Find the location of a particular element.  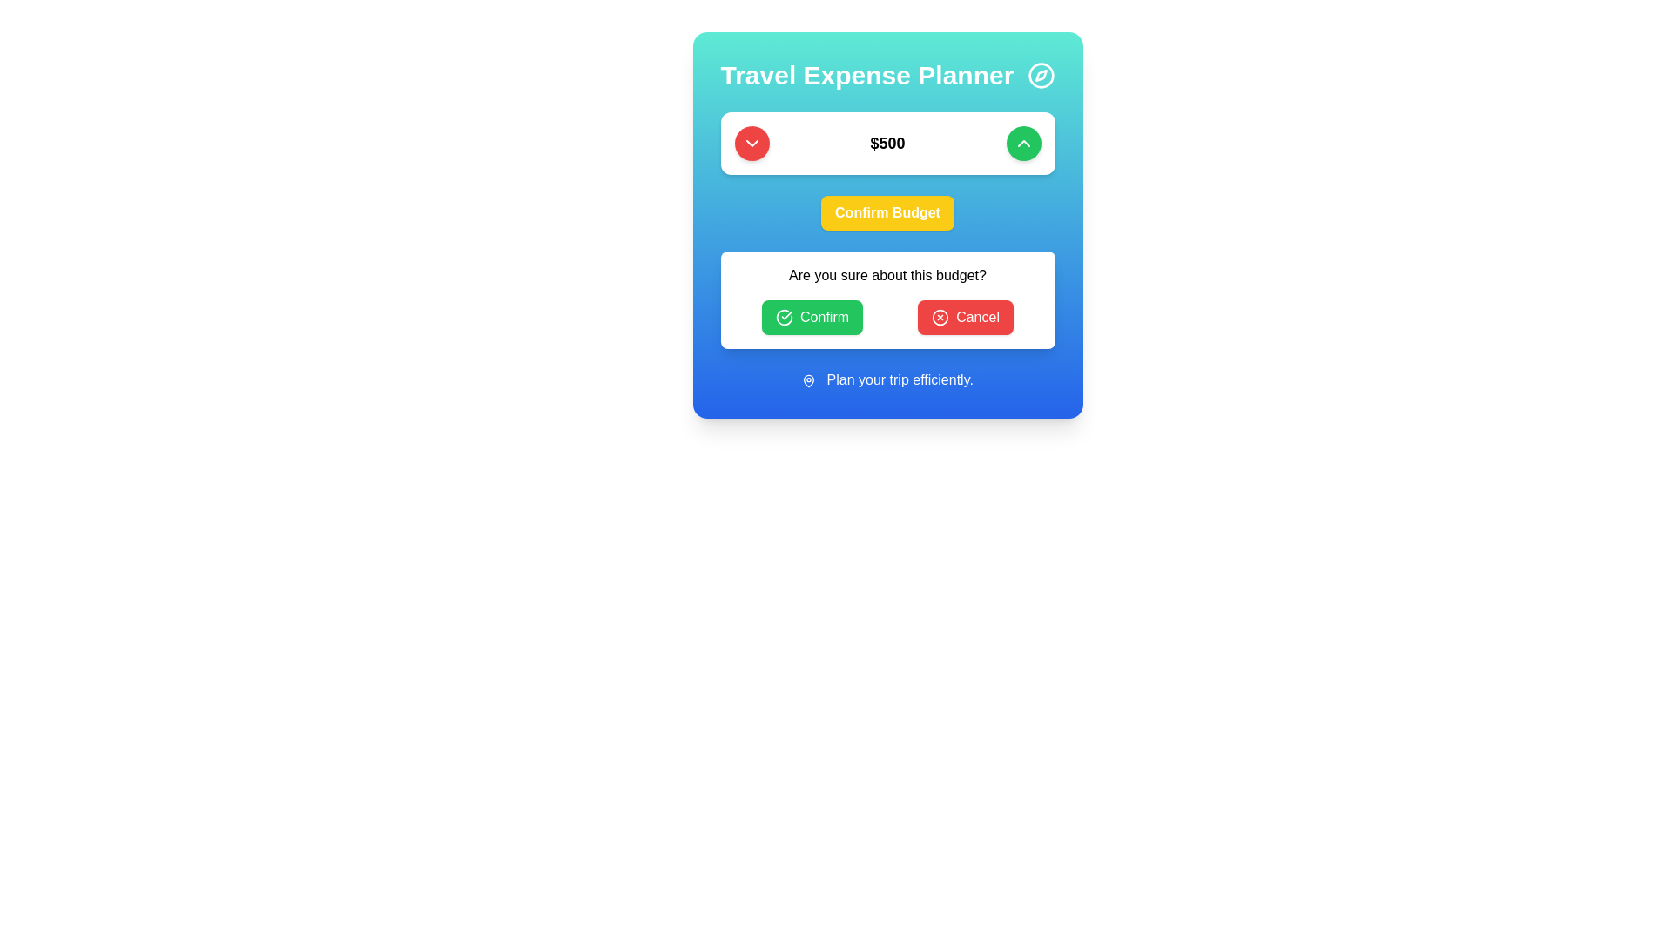

the confirm budget button located centrally within the white card interface is located at coordinates (887, 212).